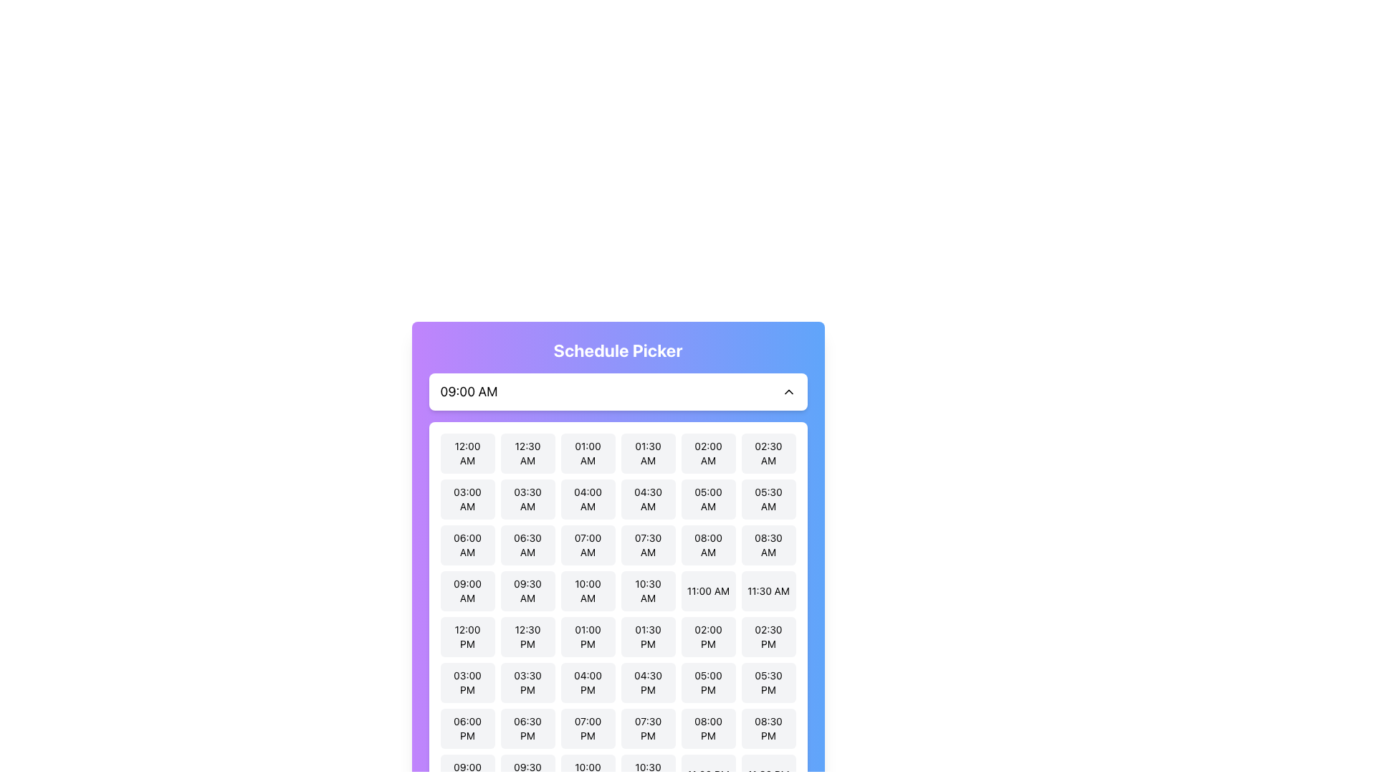 This screenshot has height=774, width=1376. Describe the element at coordinates (647, 636) in the screenshot. I see `the button displaying the time '01:30 PM' in bold, black text within a light gray, rounded rectangle` at that location.